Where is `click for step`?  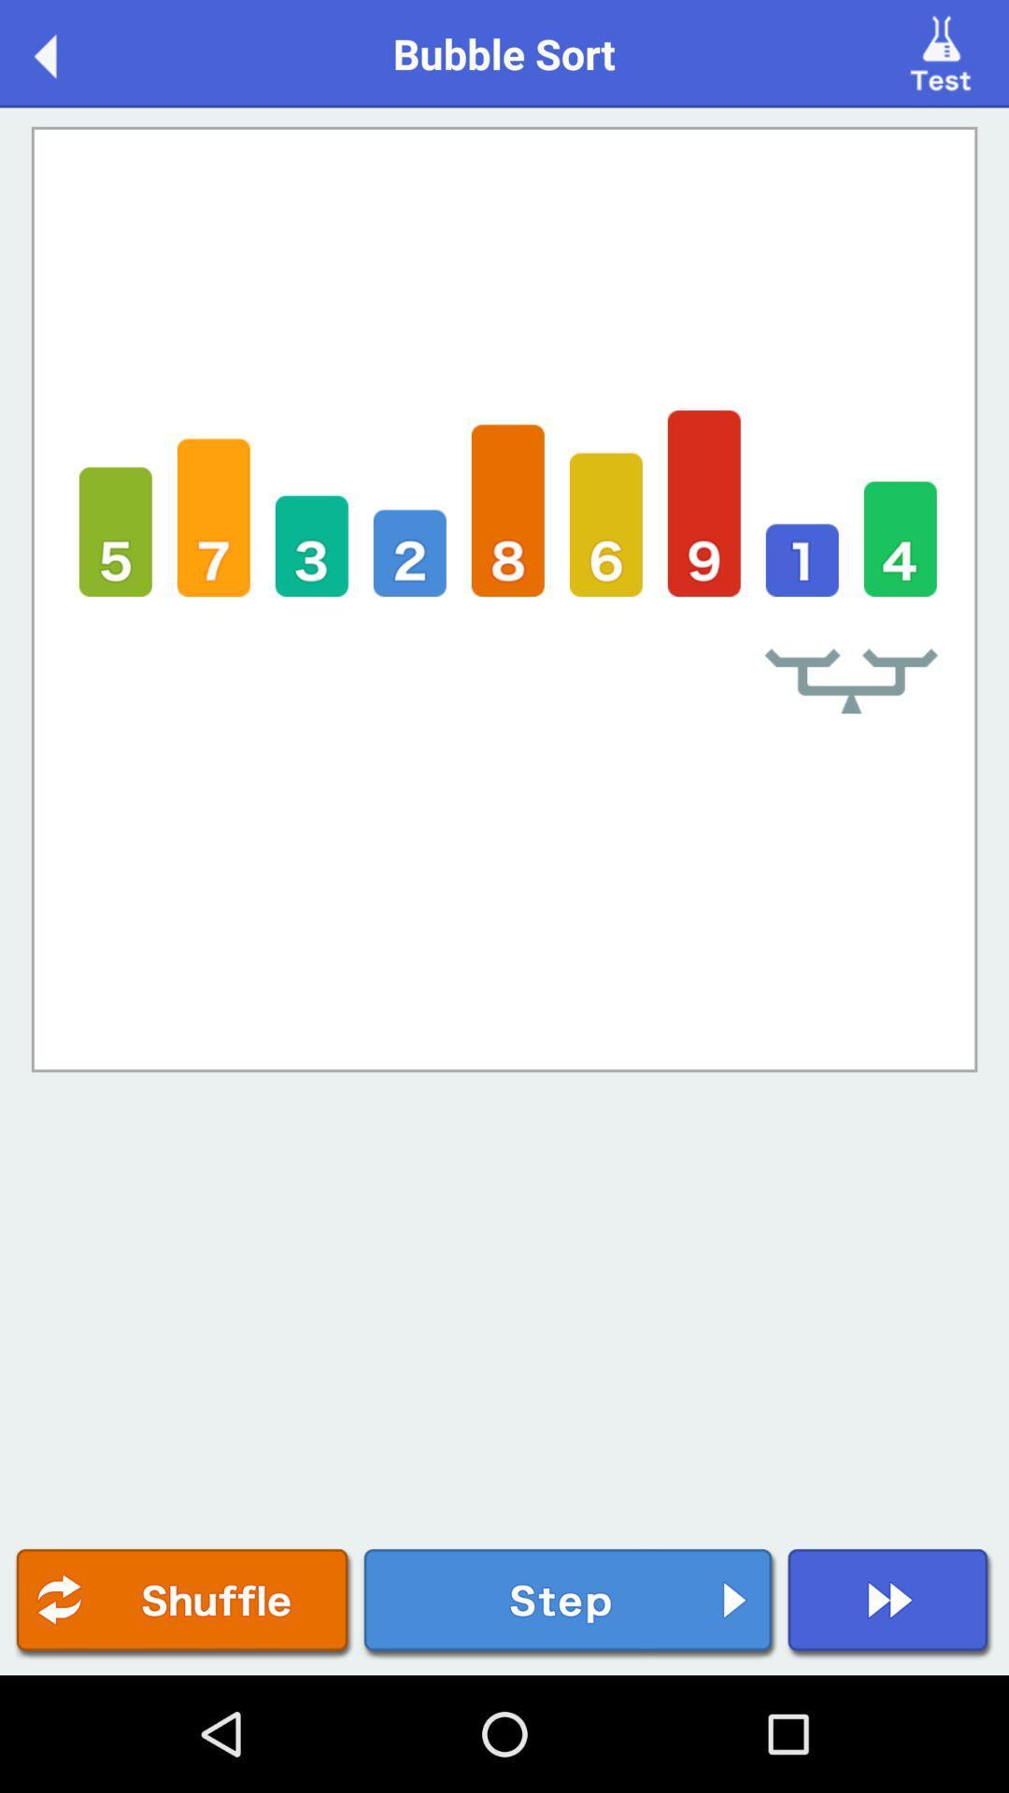 click for step is located at coordinates (569, 1602).